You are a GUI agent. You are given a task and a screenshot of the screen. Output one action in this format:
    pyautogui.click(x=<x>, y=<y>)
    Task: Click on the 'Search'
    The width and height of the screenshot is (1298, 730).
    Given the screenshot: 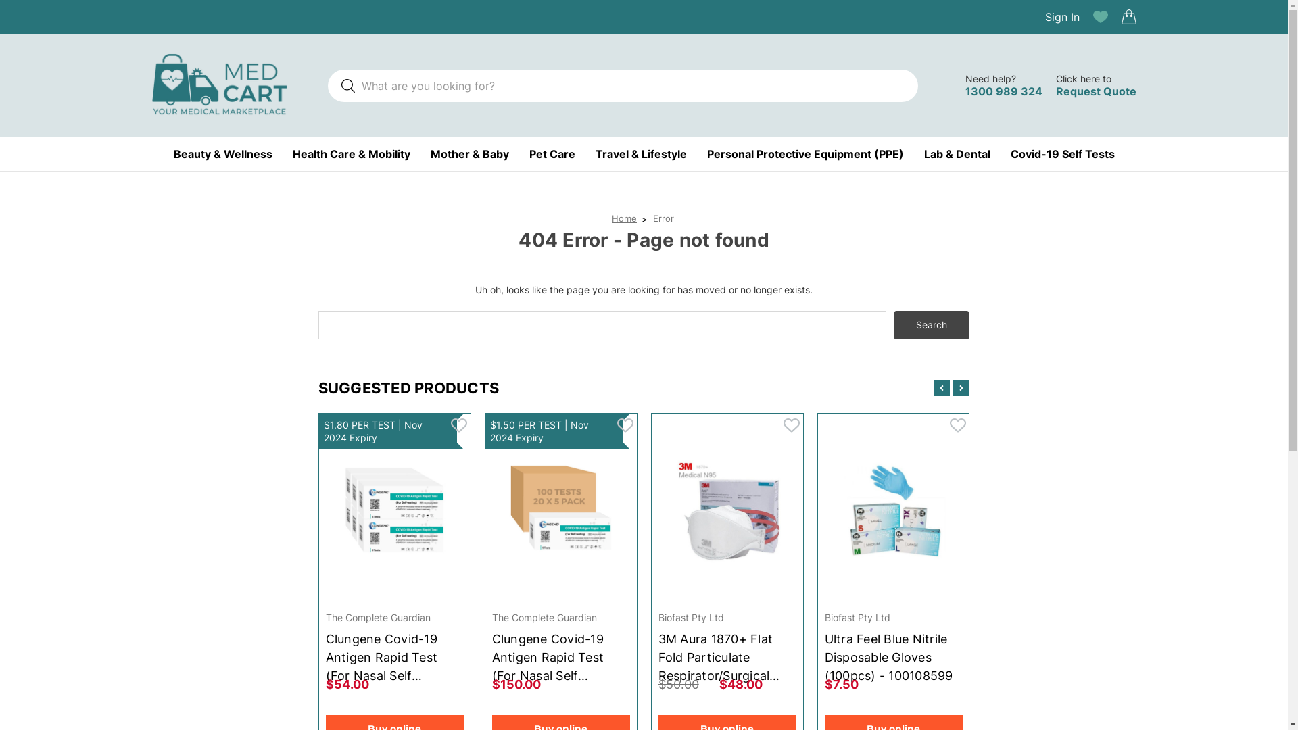 What is the action you would take?
    pyautogui.click(x=930, y=325)
    